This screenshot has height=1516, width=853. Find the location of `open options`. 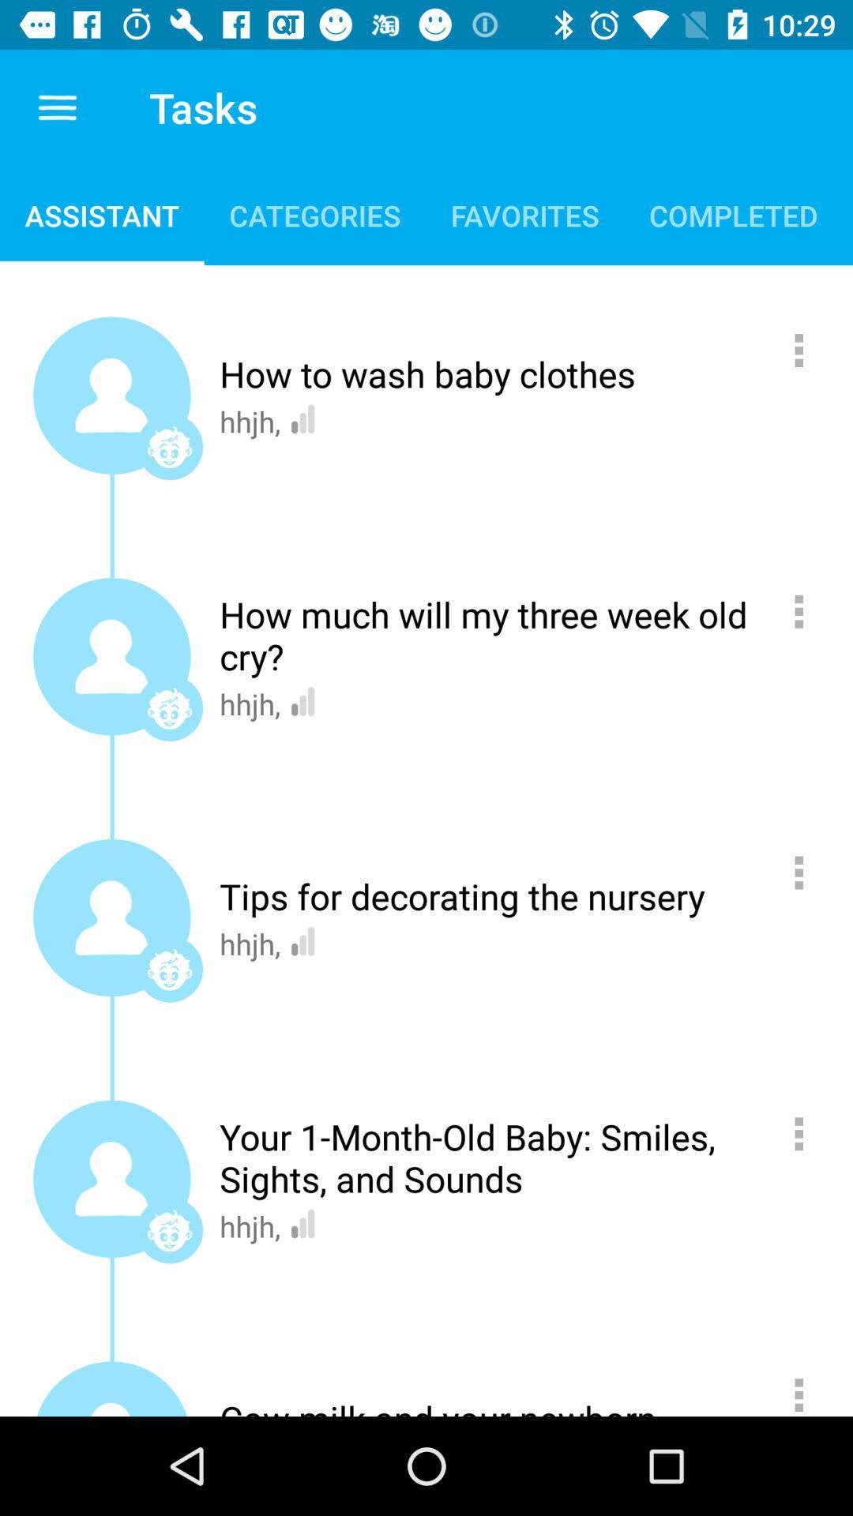

open options is located at coordinates (807, 1388).